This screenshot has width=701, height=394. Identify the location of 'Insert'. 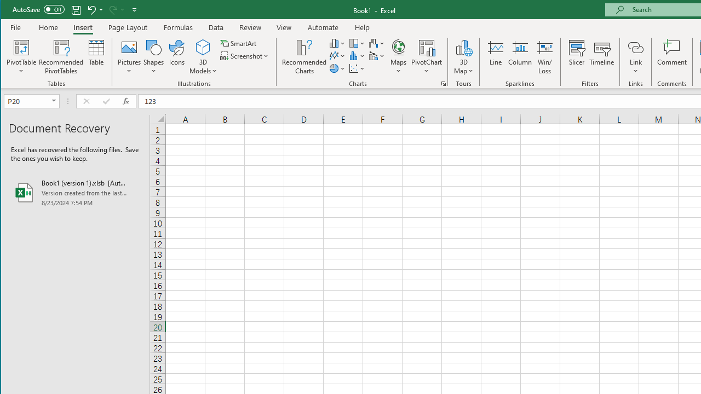
(82, 27).